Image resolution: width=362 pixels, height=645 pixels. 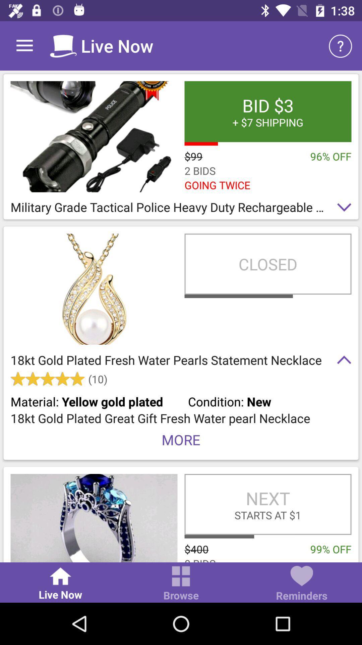 What do you see at coordinates (341, 45) in the screenshot?
I see `item above bid 3 7 item` at bounding box center [341, 45].